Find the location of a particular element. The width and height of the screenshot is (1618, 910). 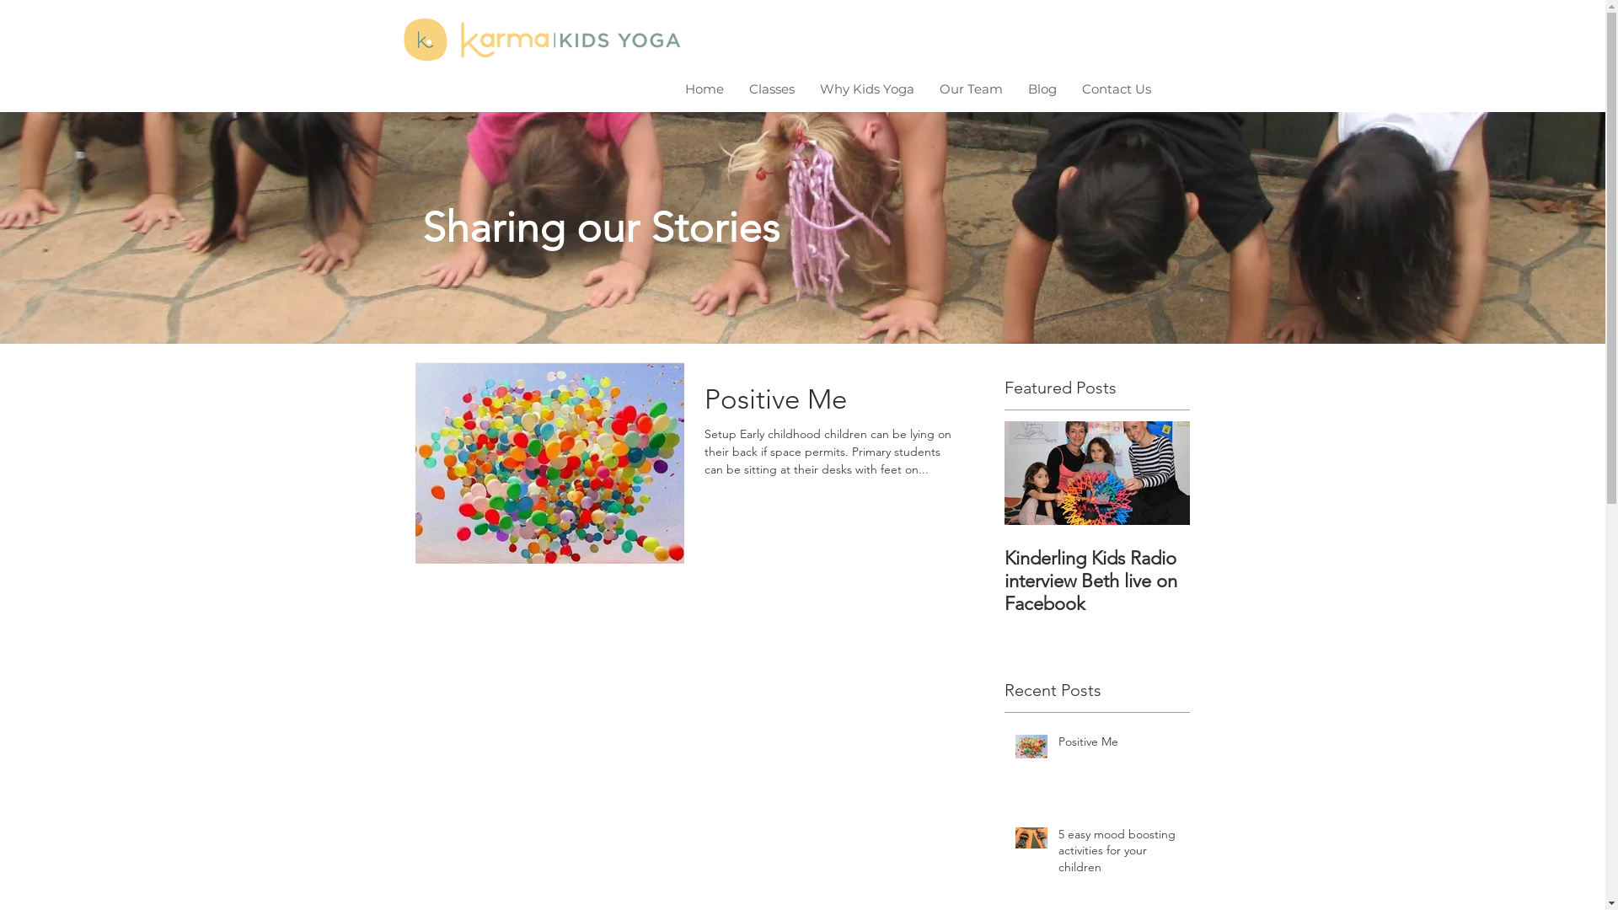

'Home' is located at coordinates (704, 88).